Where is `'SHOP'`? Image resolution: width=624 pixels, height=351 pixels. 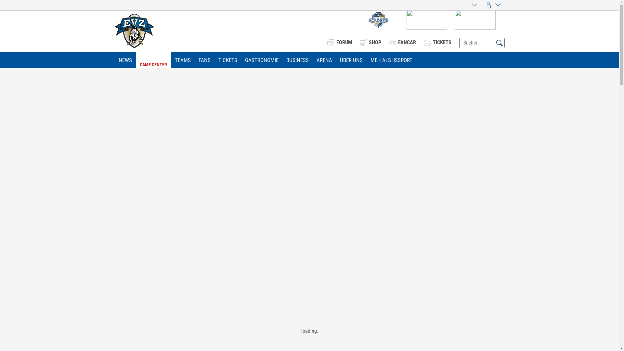
'SHOP' is located at coordinates (370, 42).